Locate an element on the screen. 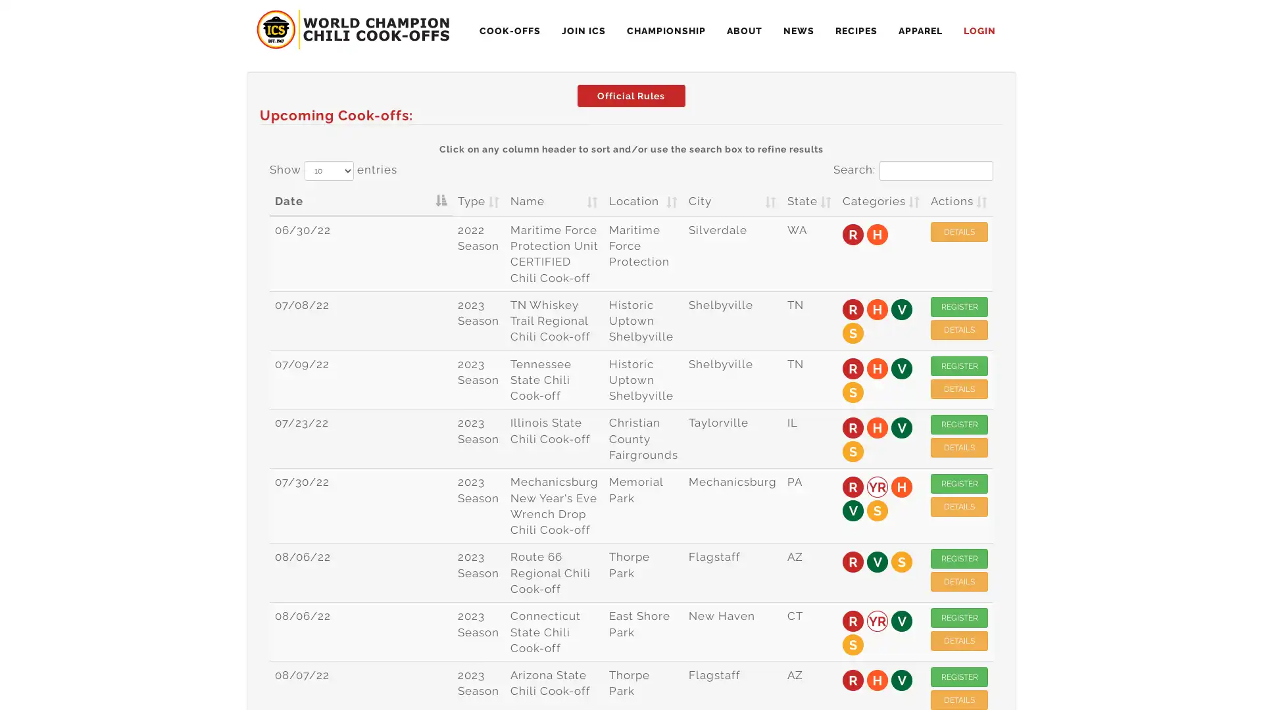 The width and height of the screenshot is (1263, 710). DETAILS is located at coordinates (959, 506).